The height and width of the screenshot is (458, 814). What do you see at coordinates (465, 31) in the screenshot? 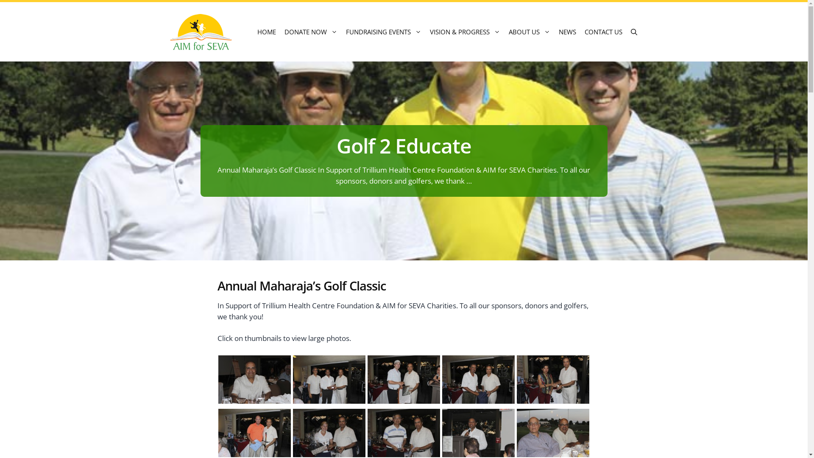
I see `'VISION & PROGRESS'` at bounding box center [465, 31].